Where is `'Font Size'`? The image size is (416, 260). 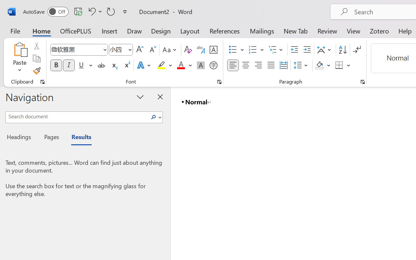
'Font Size' is located at coordinates (121, 50).